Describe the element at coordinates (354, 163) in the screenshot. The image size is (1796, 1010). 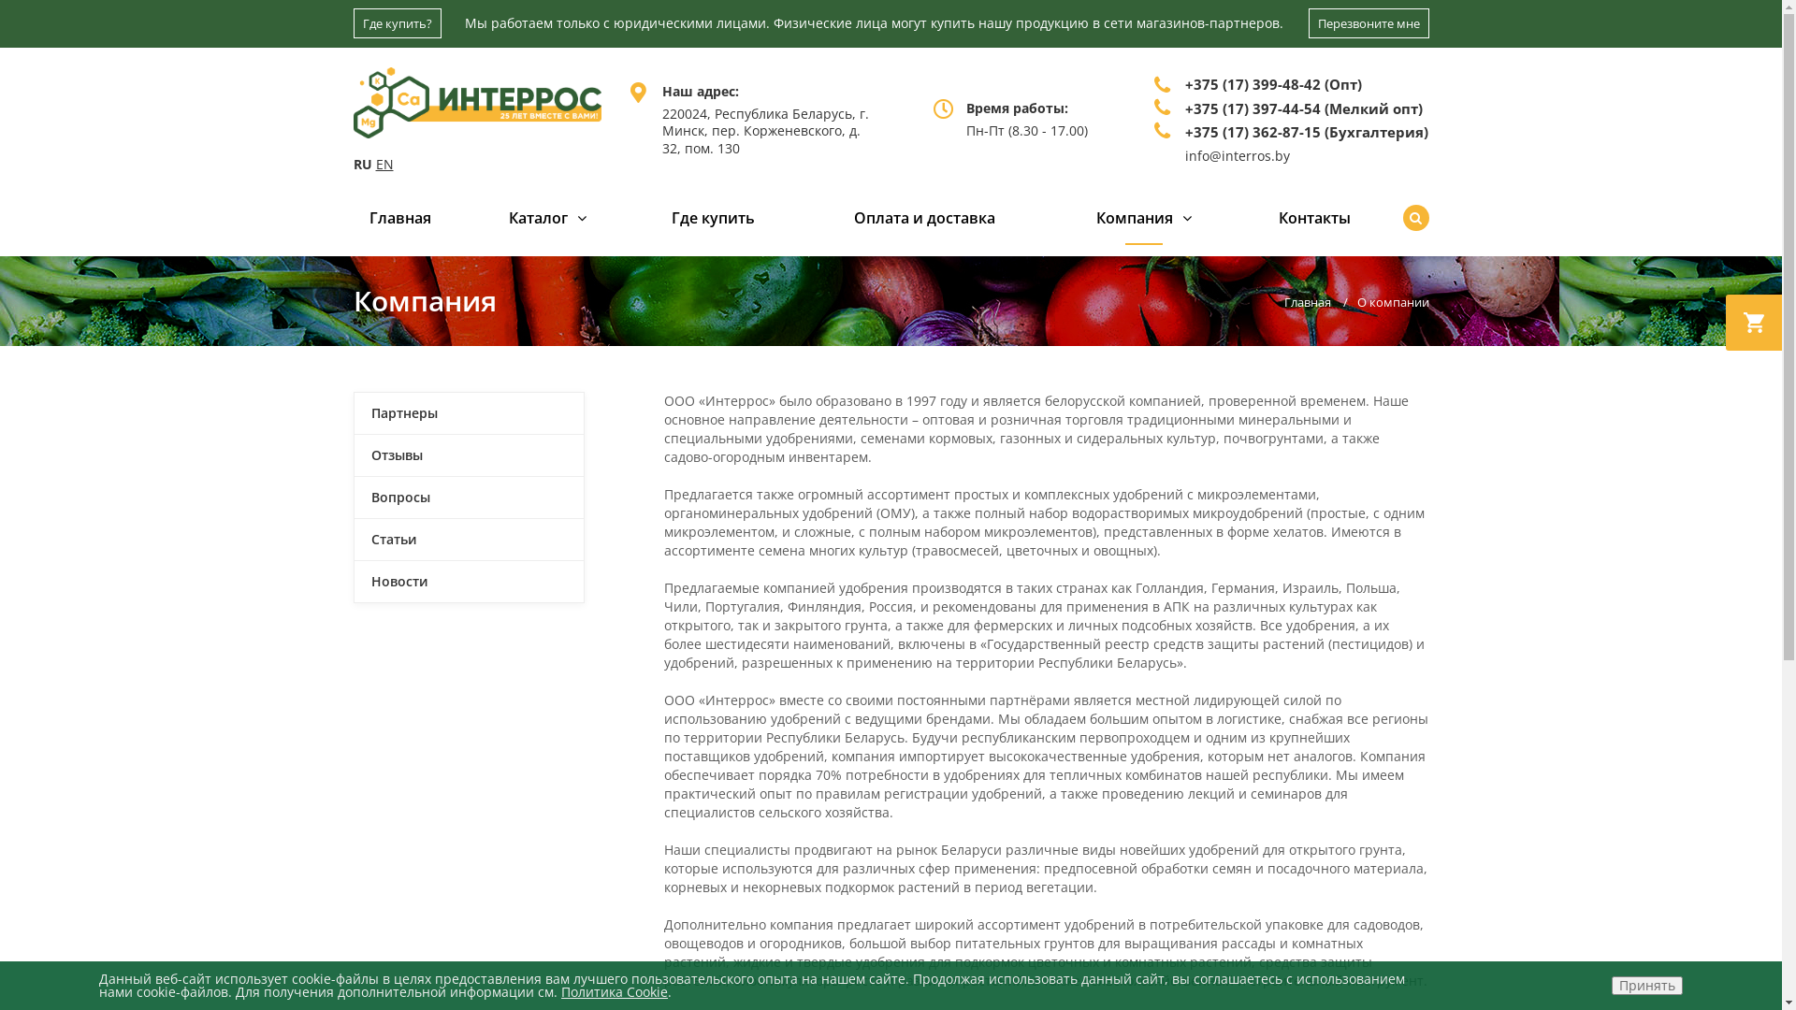
I see `'RU'` at that location.